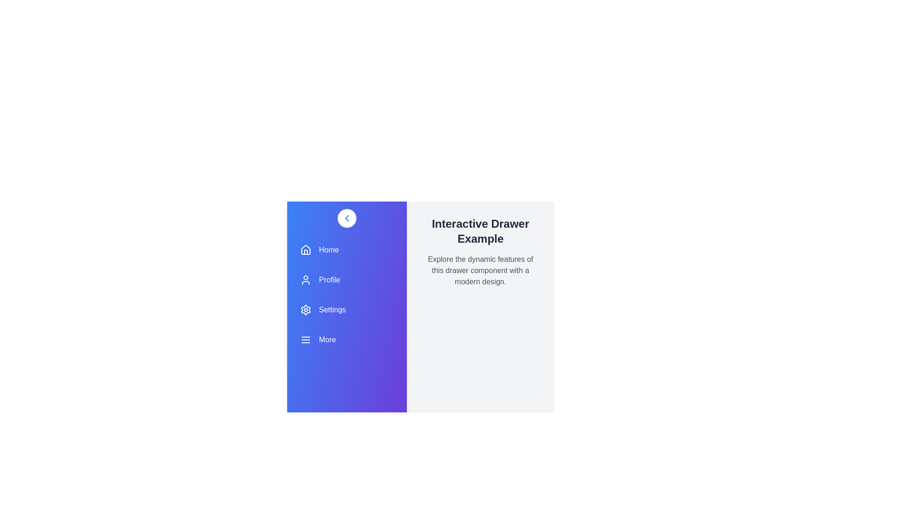  I want to click on the navigation item labeled Settings, so click(347, 310).